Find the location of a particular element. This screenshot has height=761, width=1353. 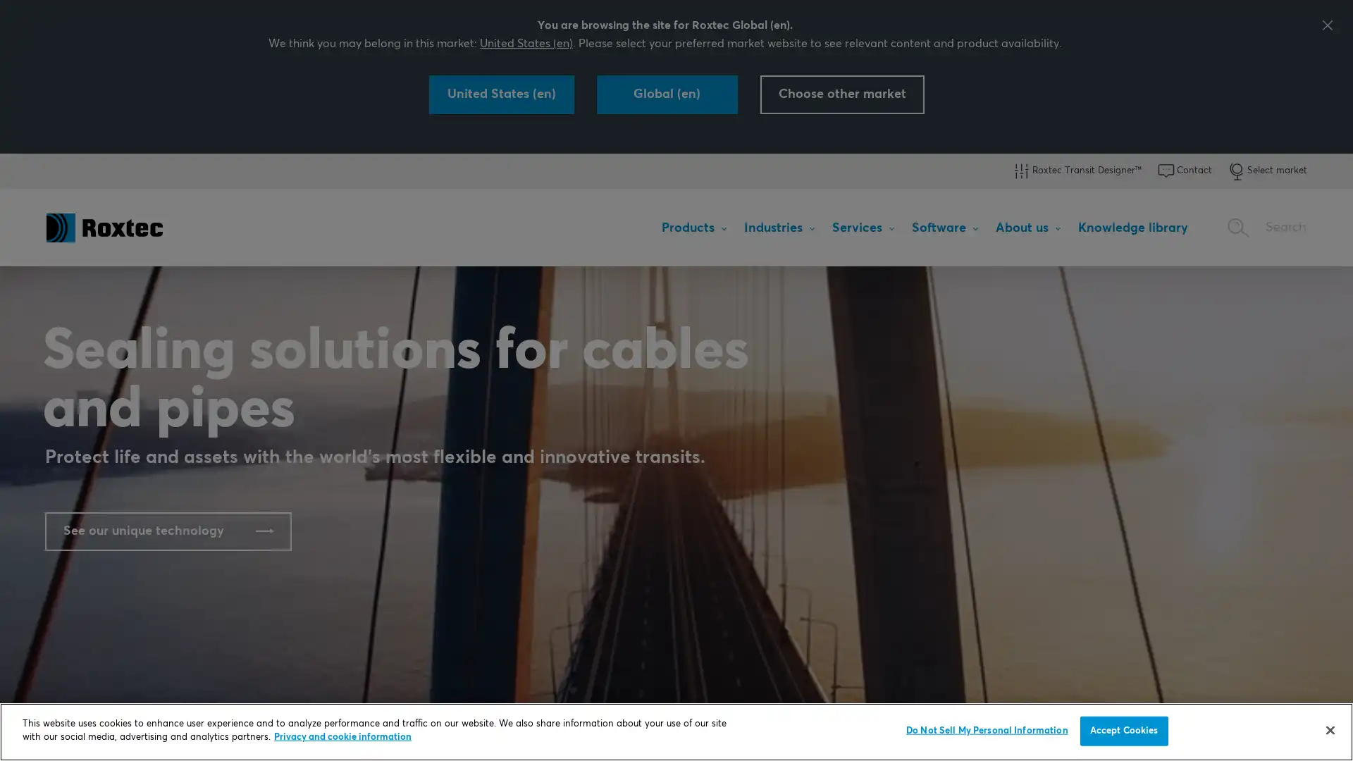

Accept Cookies is located at coordinates (1123, 730).